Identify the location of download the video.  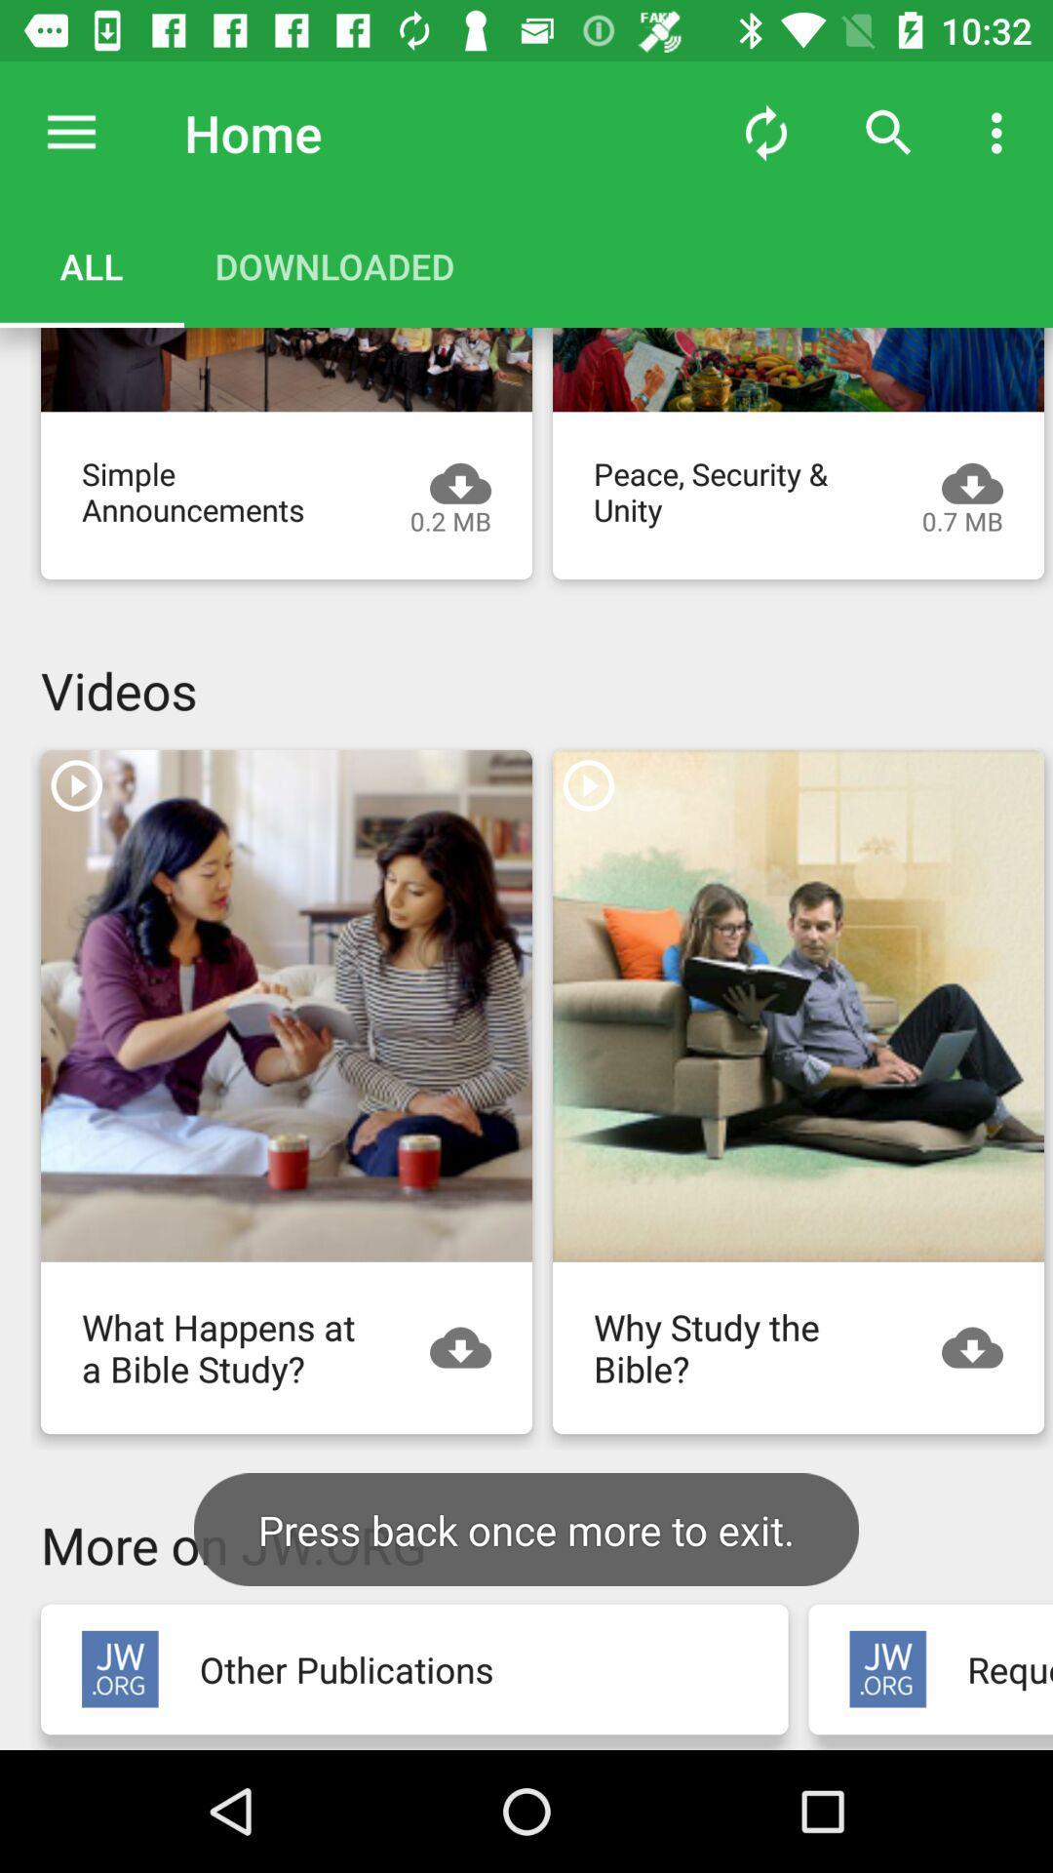
(798, 370).